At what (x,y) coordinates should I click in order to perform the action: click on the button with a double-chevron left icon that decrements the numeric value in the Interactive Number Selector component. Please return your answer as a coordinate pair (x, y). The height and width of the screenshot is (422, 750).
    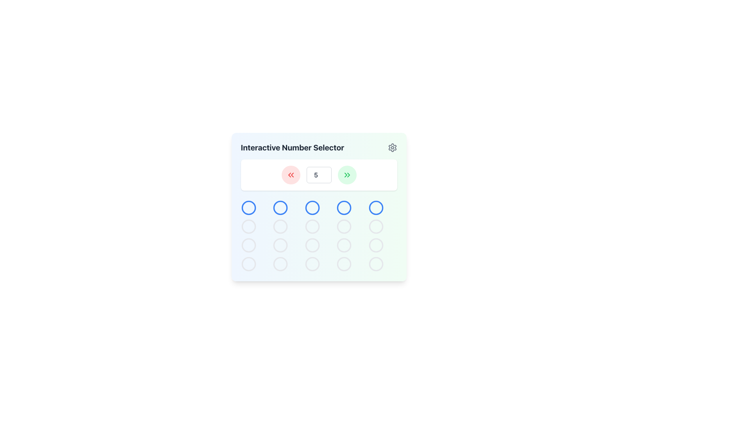
    Looking at the image, I should click on (290, 174).